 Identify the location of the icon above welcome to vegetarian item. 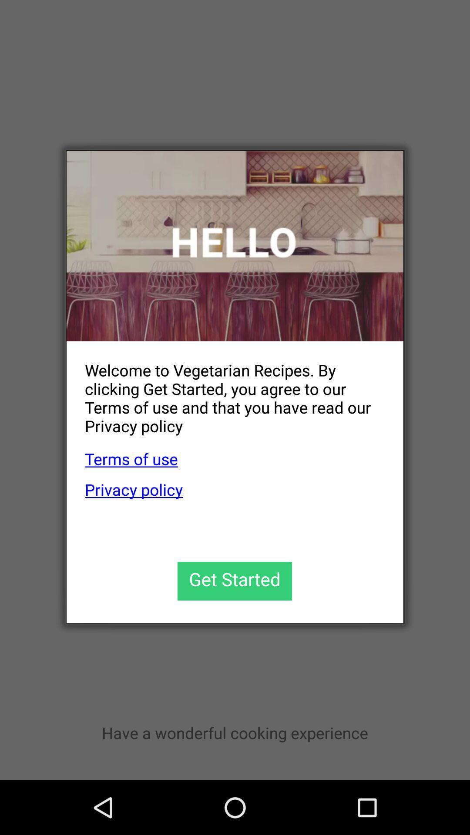
(235, 245).